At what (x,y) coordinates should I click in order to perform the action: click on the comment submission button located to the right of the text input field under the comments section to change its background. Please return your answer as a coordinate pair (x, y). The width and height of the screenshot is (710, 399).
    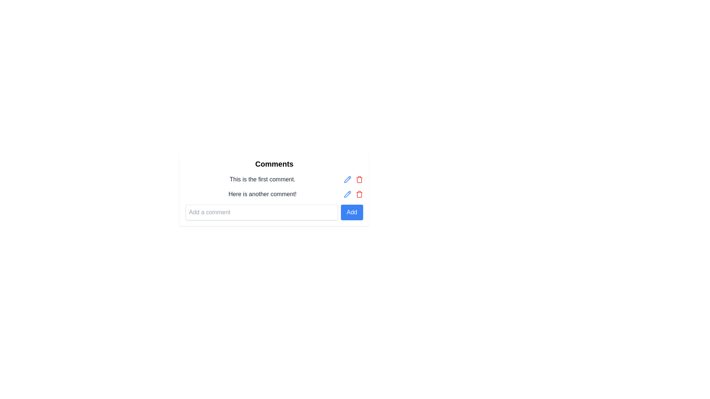
    Looking at the image, I should click on (351, 212).